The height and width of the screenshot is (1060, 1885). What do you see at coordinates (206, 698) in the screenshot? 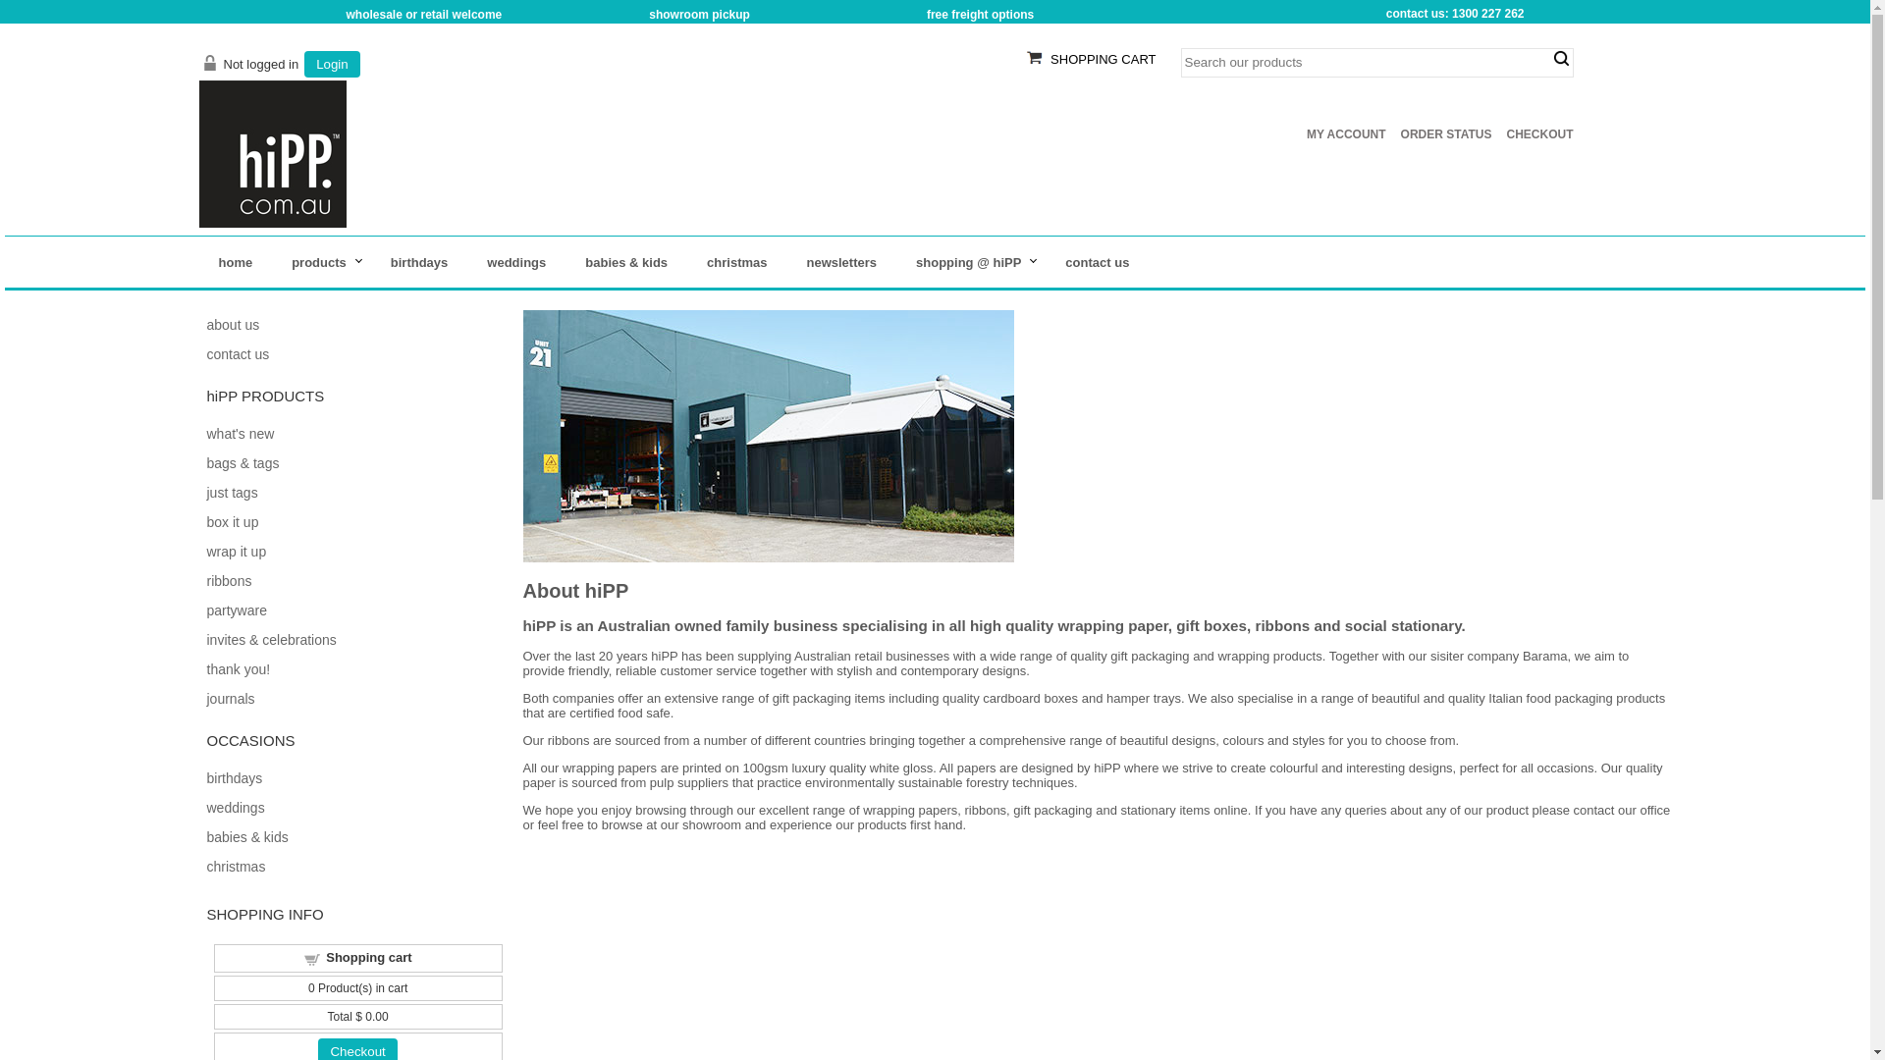
I see `'journals'` at bounding box center [206, 698].